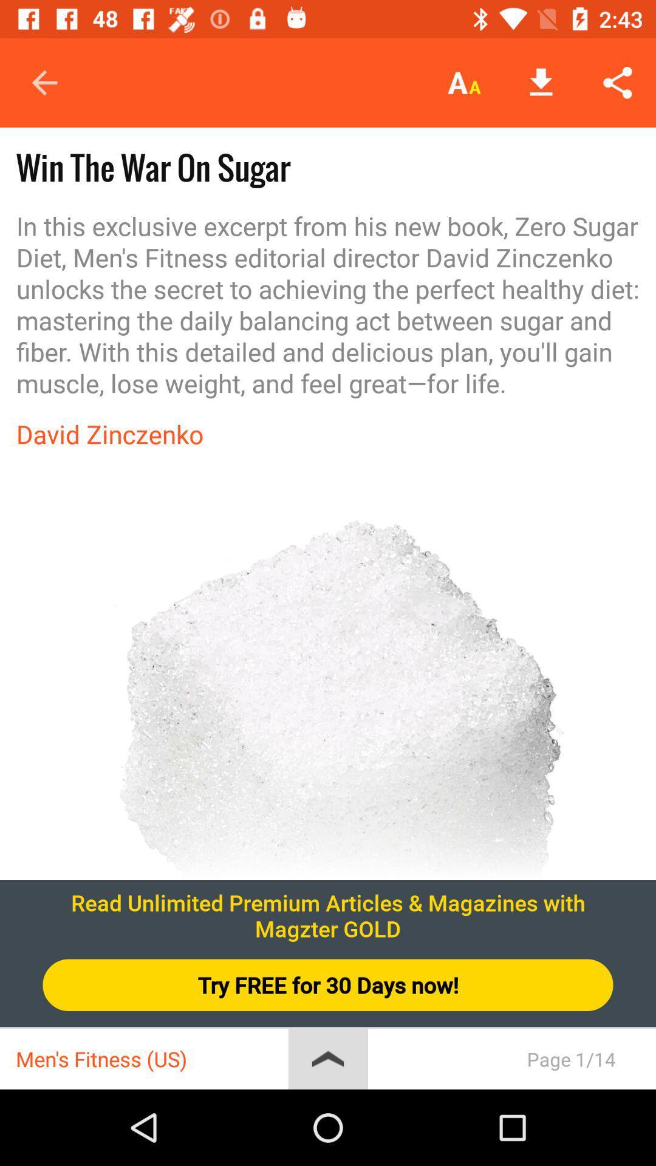 The height and width of the screenshot is (1166, 656). I want to click on the item at the center, so click(328, 751).